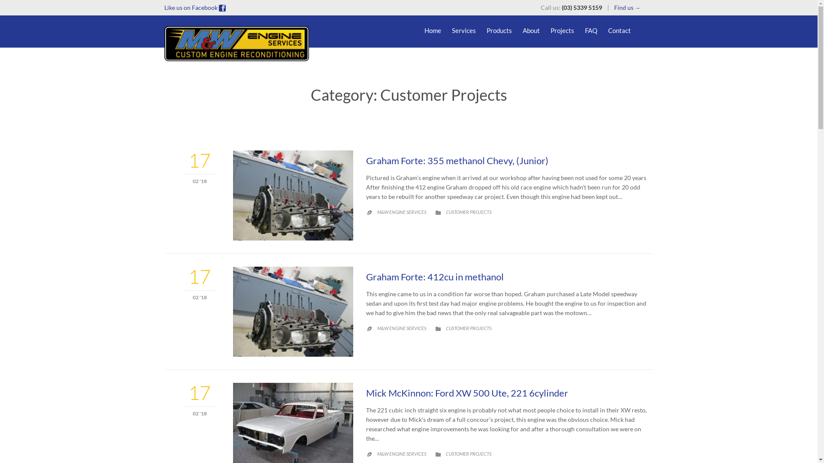 The height and width of the screenshot is (463, 824). What do you see at coordinates (451, 31) in the screenshot?
I see `'Services'` at bounding box center [451, 31].